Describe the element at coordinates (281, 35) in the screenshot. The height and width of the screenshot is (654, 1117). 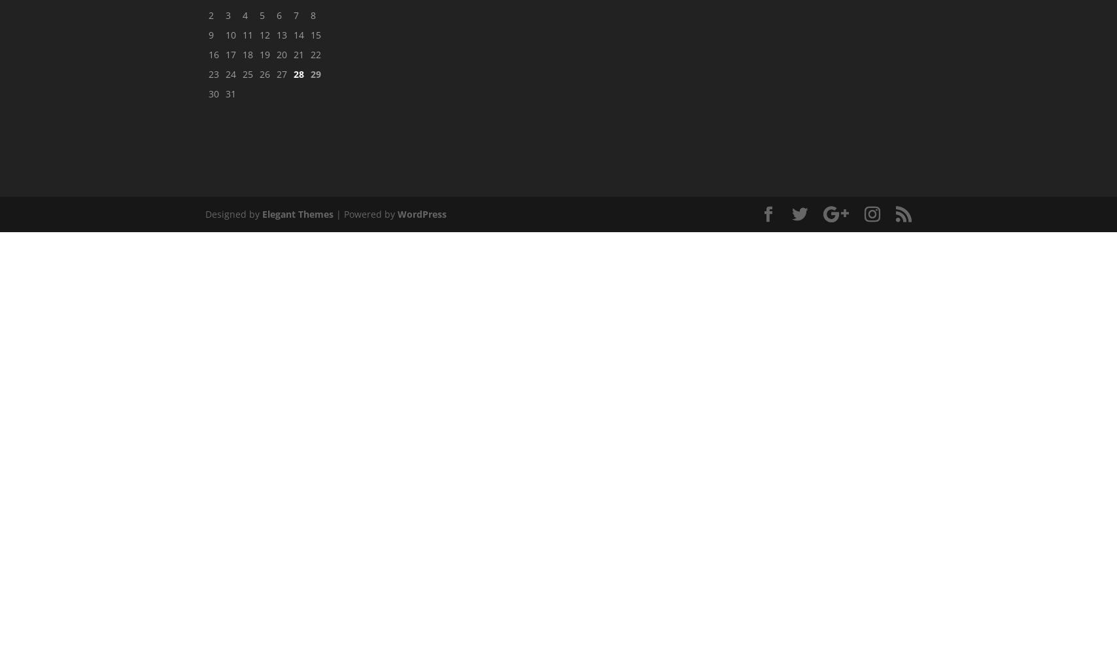
I see `'13'` at that location.